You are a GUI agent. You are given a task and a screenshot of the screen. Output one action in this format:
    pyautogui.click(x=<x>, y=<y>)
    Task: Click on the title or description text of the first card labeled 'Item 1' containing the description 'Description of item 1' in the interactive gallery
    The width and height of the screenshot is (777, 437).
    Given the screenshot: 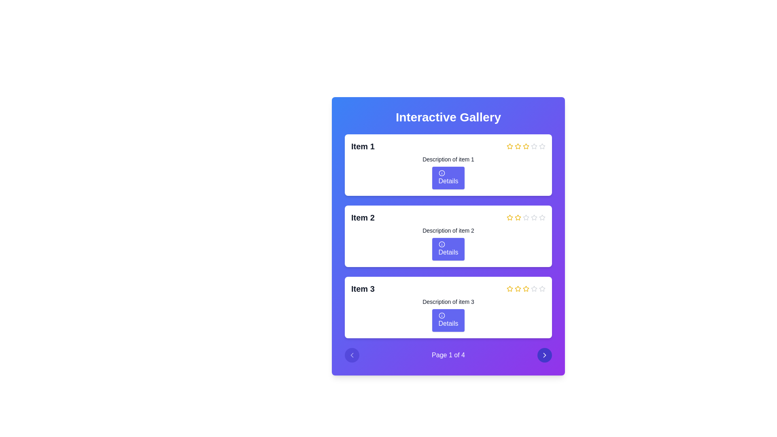 What is the action you would take?
    pyautogui.click(x=448, y=165)
    